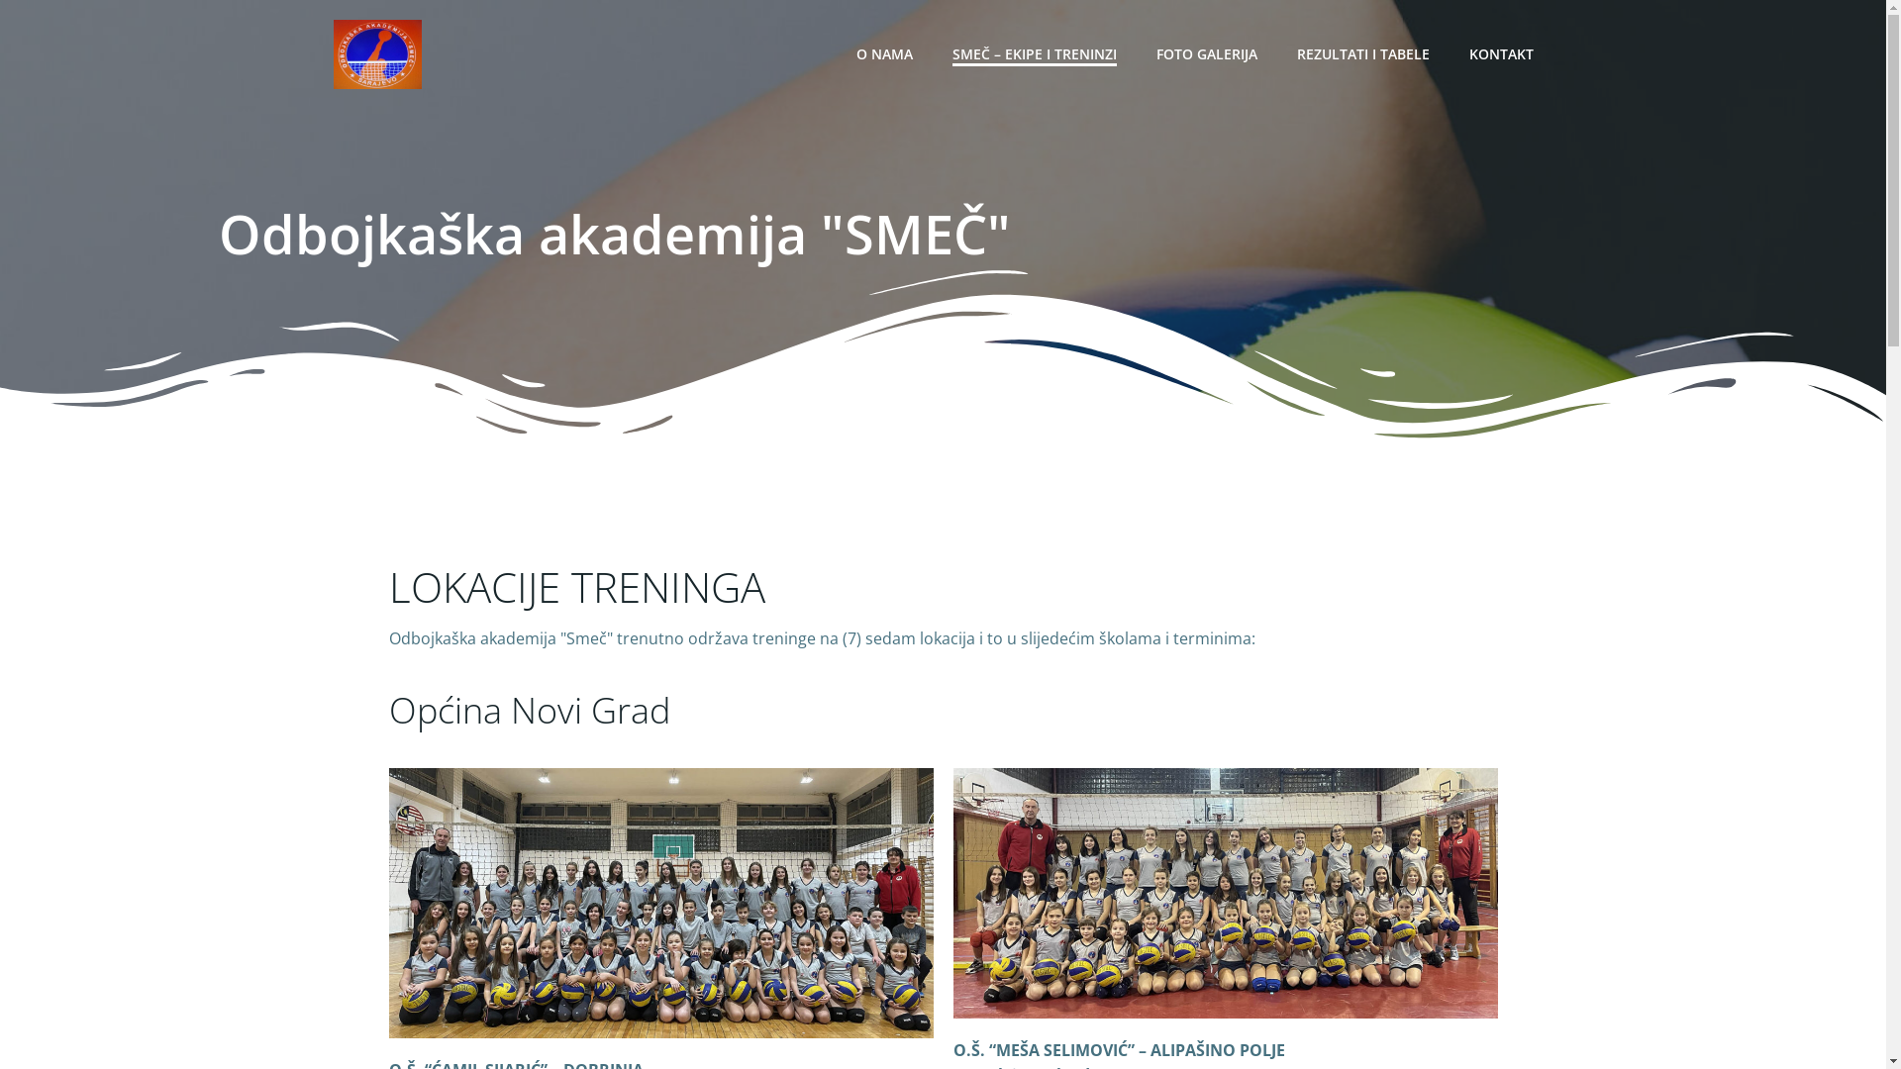 This screenshot has height=1069, width=1901. What do you see at coordinates (1239, 1009) in the screenshot?
I see `'Colibri'` at bounding box center [1239, 1009].